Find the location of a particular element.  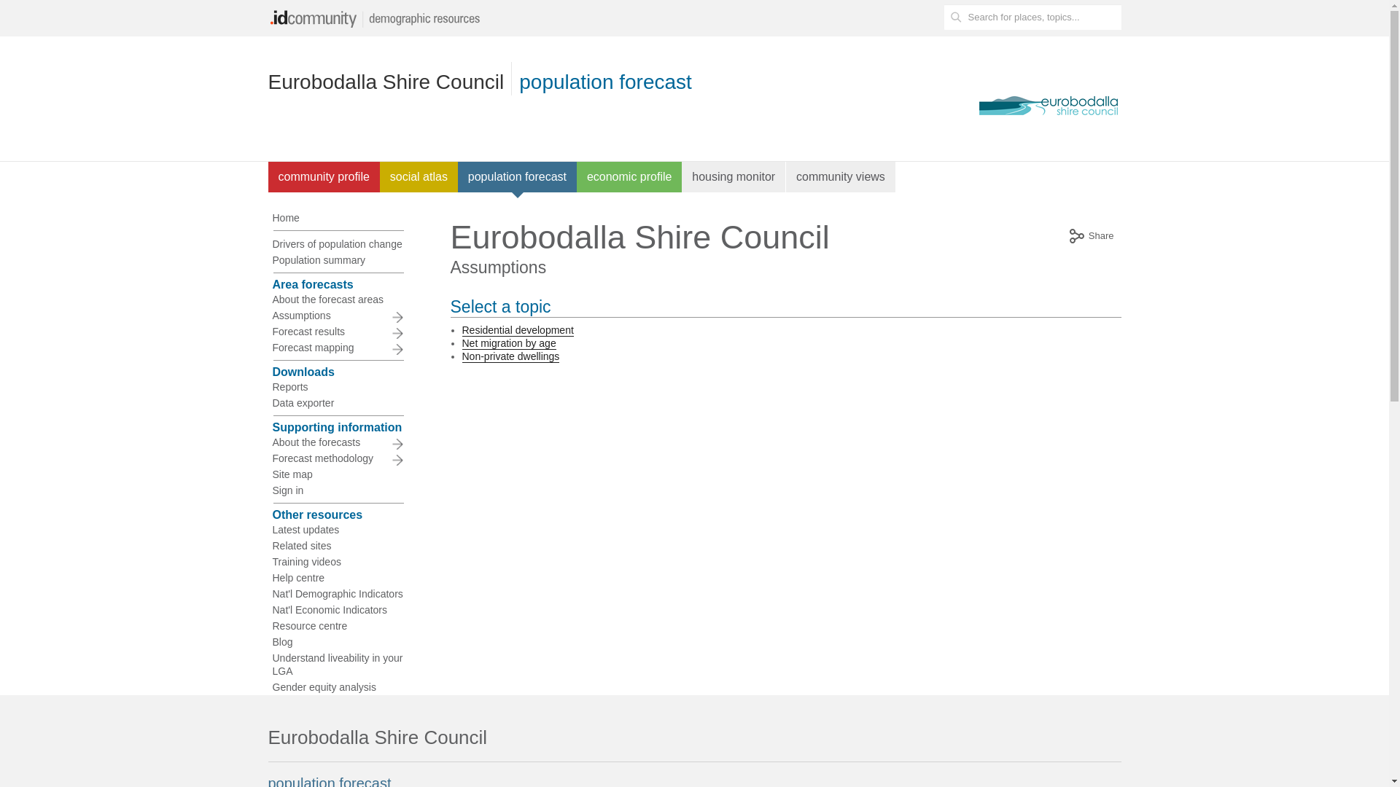

'Reports' is located at coordinates (336, 386).